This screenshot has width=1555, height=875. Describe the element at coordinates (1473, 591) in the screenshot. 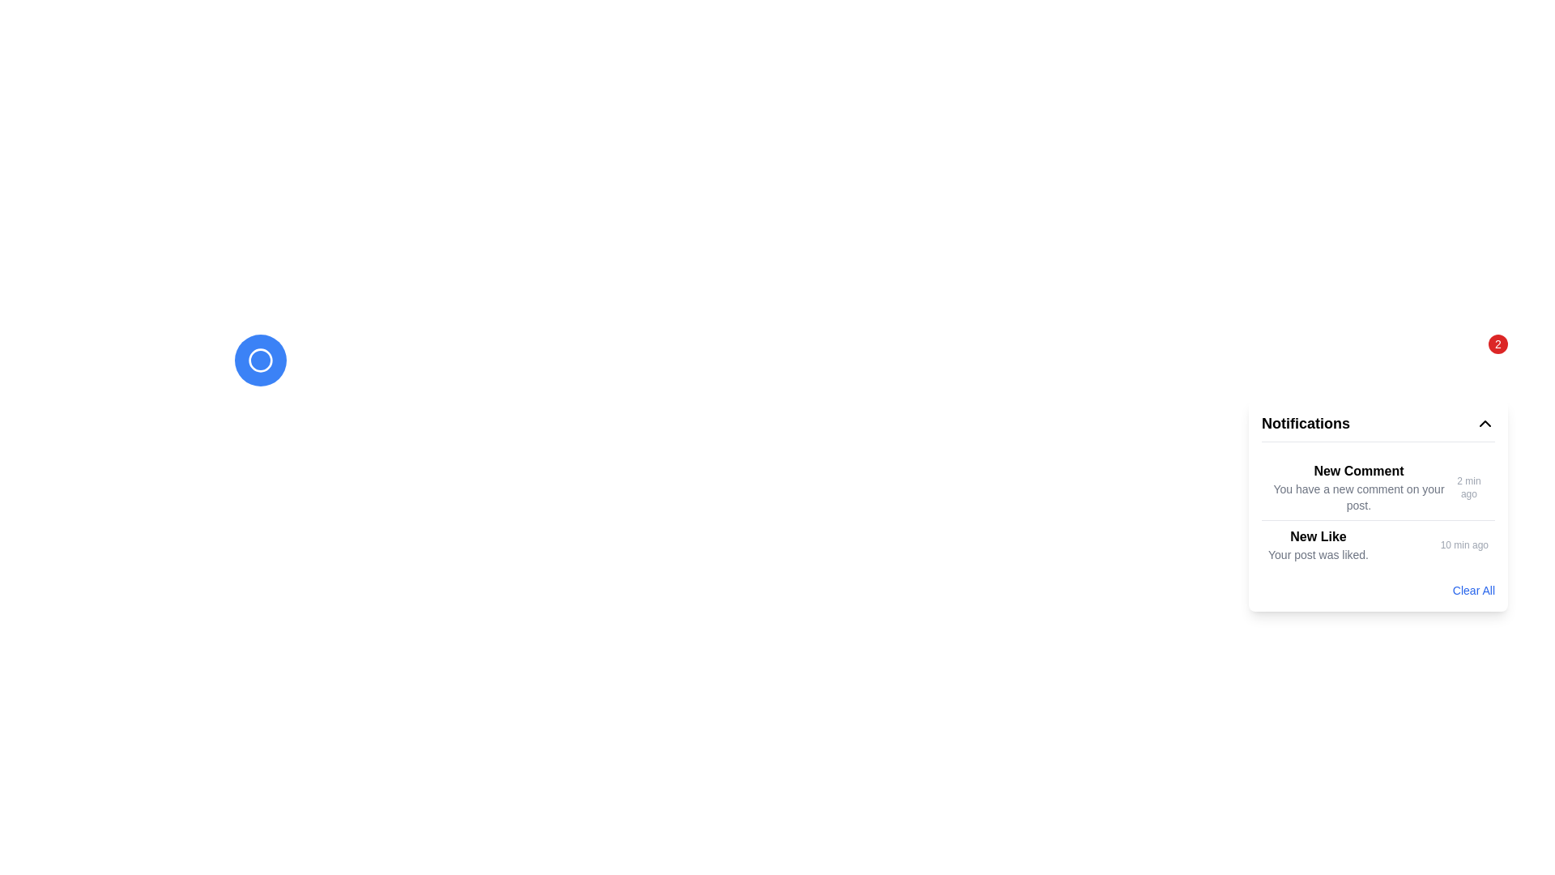

I see `the text link positioned at the bottom-right of the notification panel to clear all notifications` at that location.